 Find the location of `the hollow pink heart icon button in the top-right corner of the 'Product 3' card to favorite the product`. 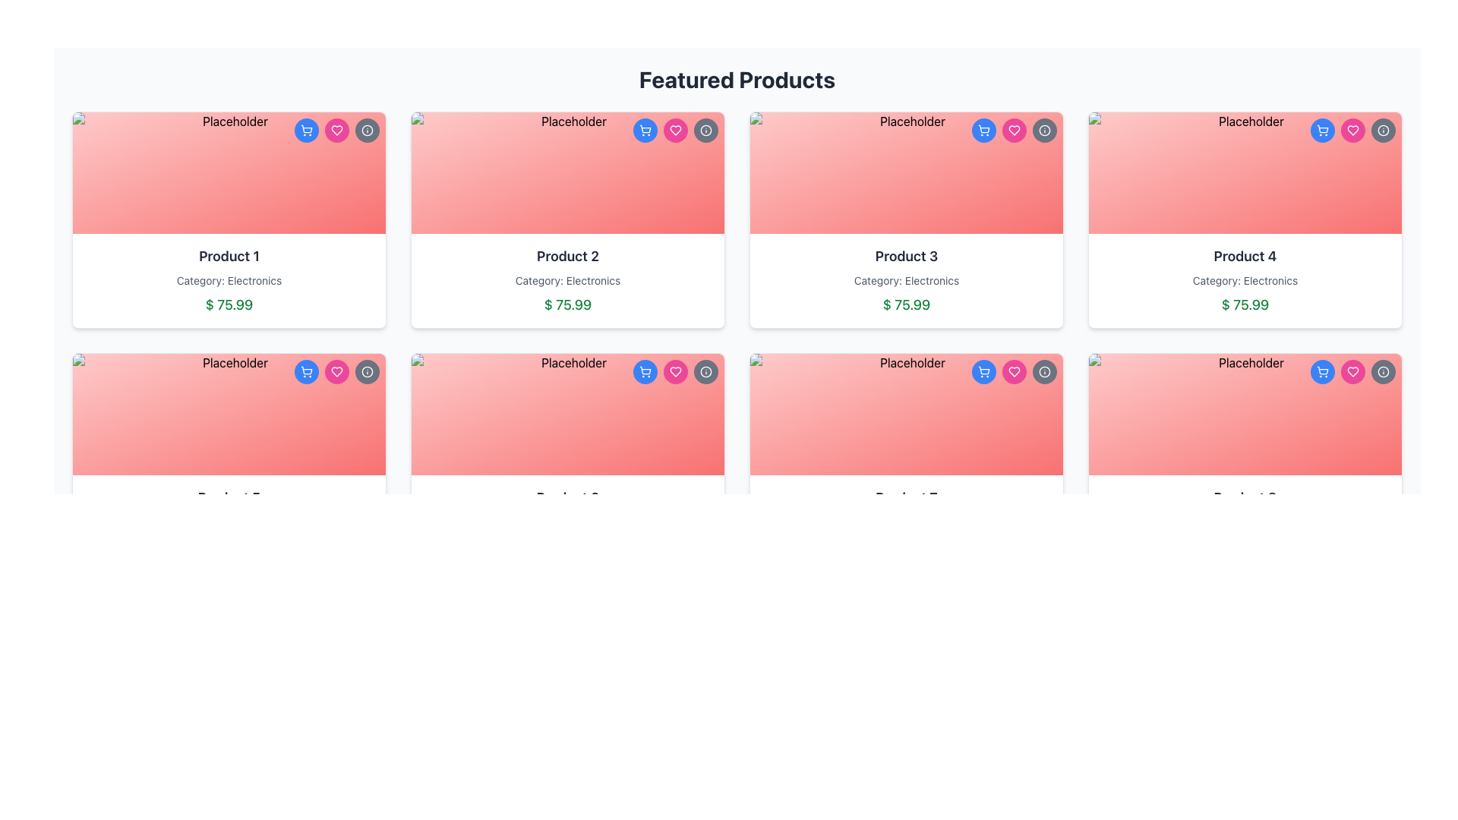

the hollow pink heart icon button in the top-right corner of the 'Product 3' card to favorite the product is located at coordinates (1014, 371).